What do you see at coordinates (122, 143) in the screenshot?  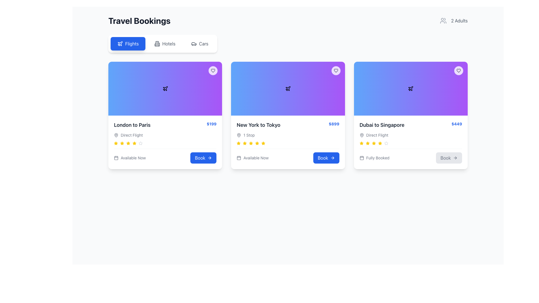 I see `the third star icon in the 5-star rating row for the 'London to Paris' travel card, which is styled in yellow and indicates a rating item` at bounding box center [122, 143].